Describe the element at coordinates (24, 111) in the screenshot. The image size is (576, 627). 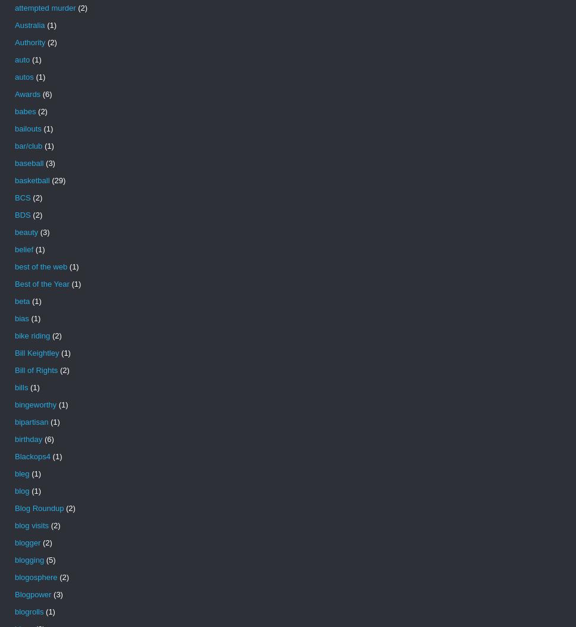
I see `'babes'` at that location.